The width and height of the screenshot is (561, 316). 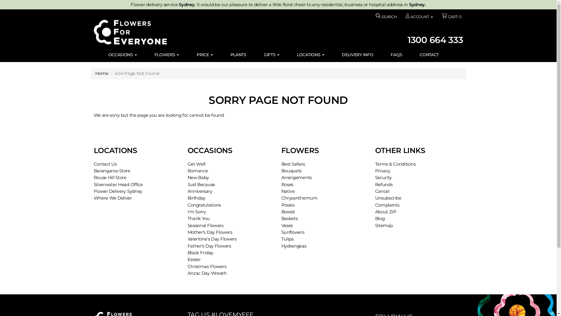 I want to click on 'Cancel', so click(x=382, y=191).